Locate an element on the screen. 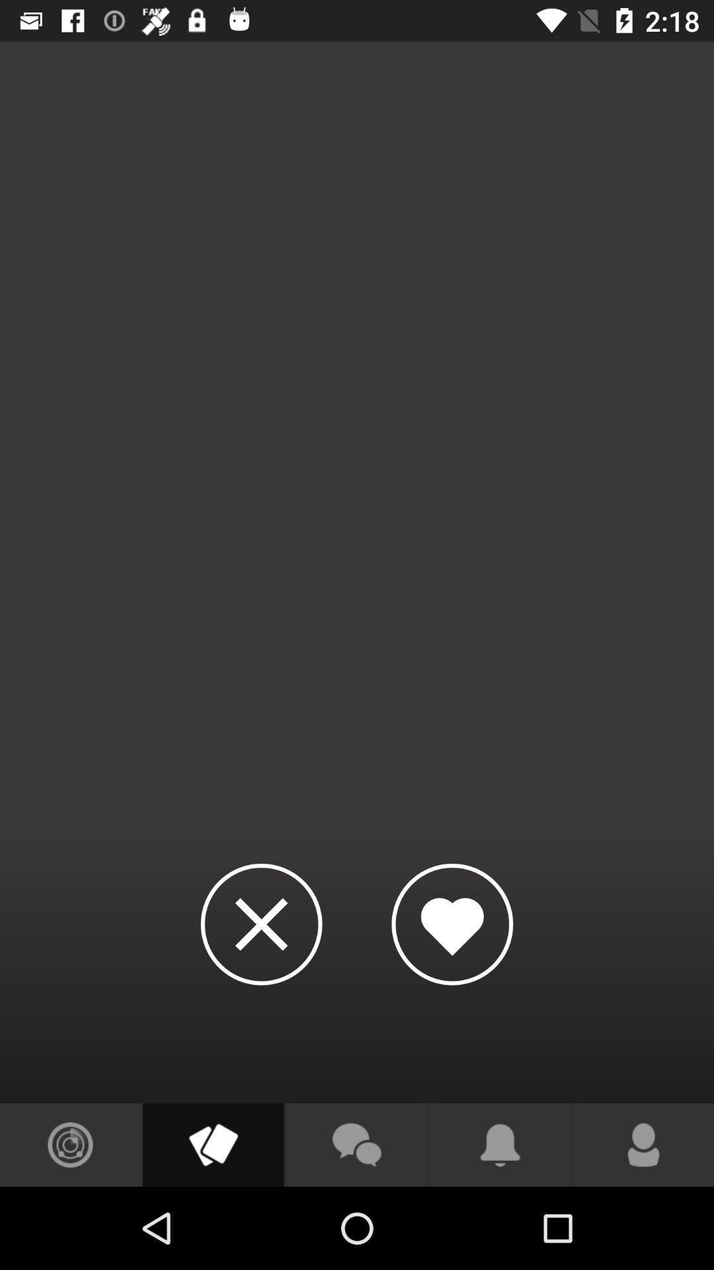 The width and height of the screenshot is (714, 1270). the favorite icon is located at coordinates (452, 923).